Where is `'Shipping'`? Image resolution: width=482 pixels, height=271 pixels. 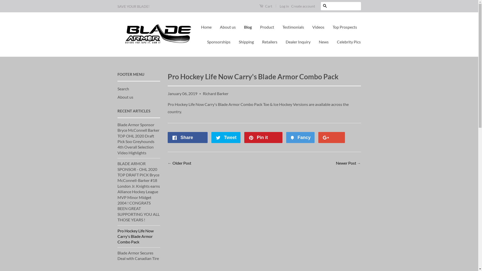
'Shipping' is located at coordinates (246, 42).